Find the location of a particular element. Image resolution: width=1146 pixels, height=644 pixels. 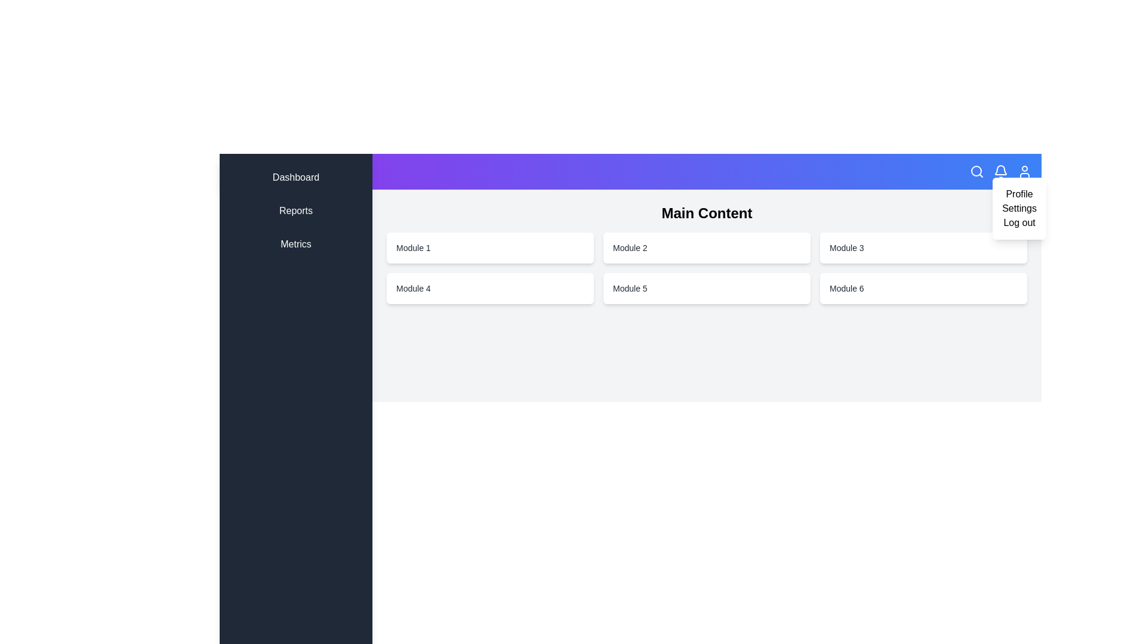

the 'ProActive' static text label located in the header section, which is styled in bold and positioned next to an icon on the left side is located at coordinates (268, 172).